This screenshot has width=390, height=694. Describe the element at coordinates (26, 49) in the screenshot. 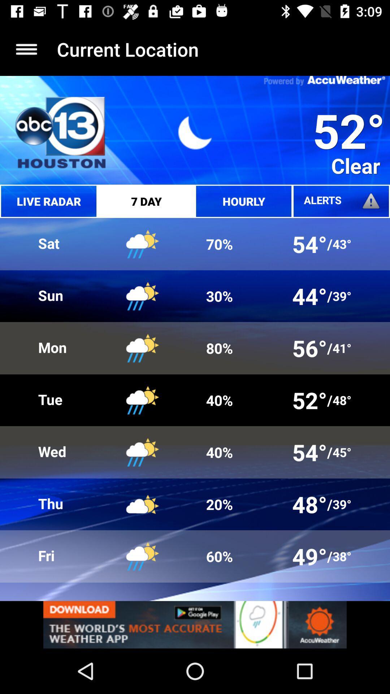

I see `home screen` at that location.